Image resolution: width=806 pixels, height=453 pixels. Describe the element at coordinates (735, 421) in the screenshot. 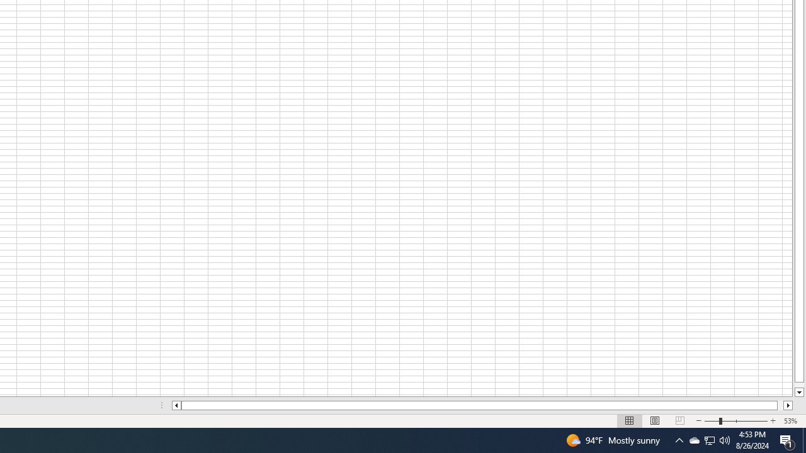

I see `'Zoom'` at that location.